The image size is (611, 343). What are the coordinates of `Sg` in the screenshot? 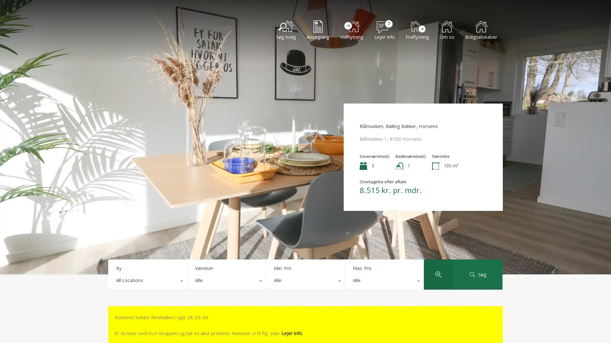 It's located at (478, 274).